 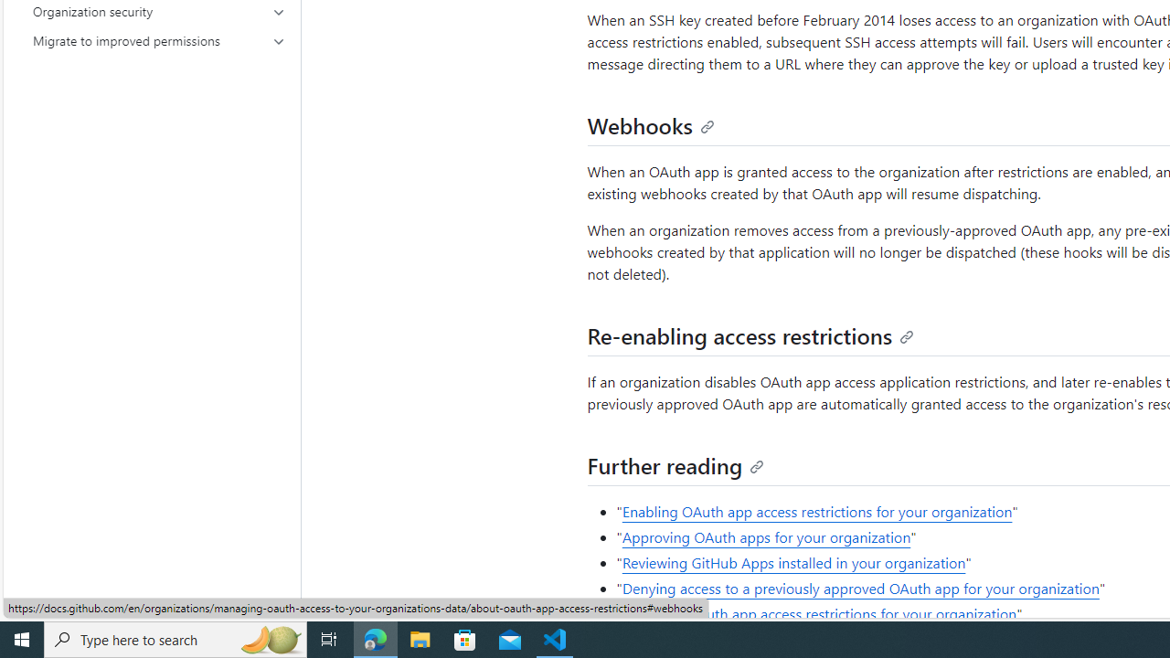 What do you see at coordinates (651, 123) in the screenshot?
I see `'Webhooks'` at bounding box center [651, 123].